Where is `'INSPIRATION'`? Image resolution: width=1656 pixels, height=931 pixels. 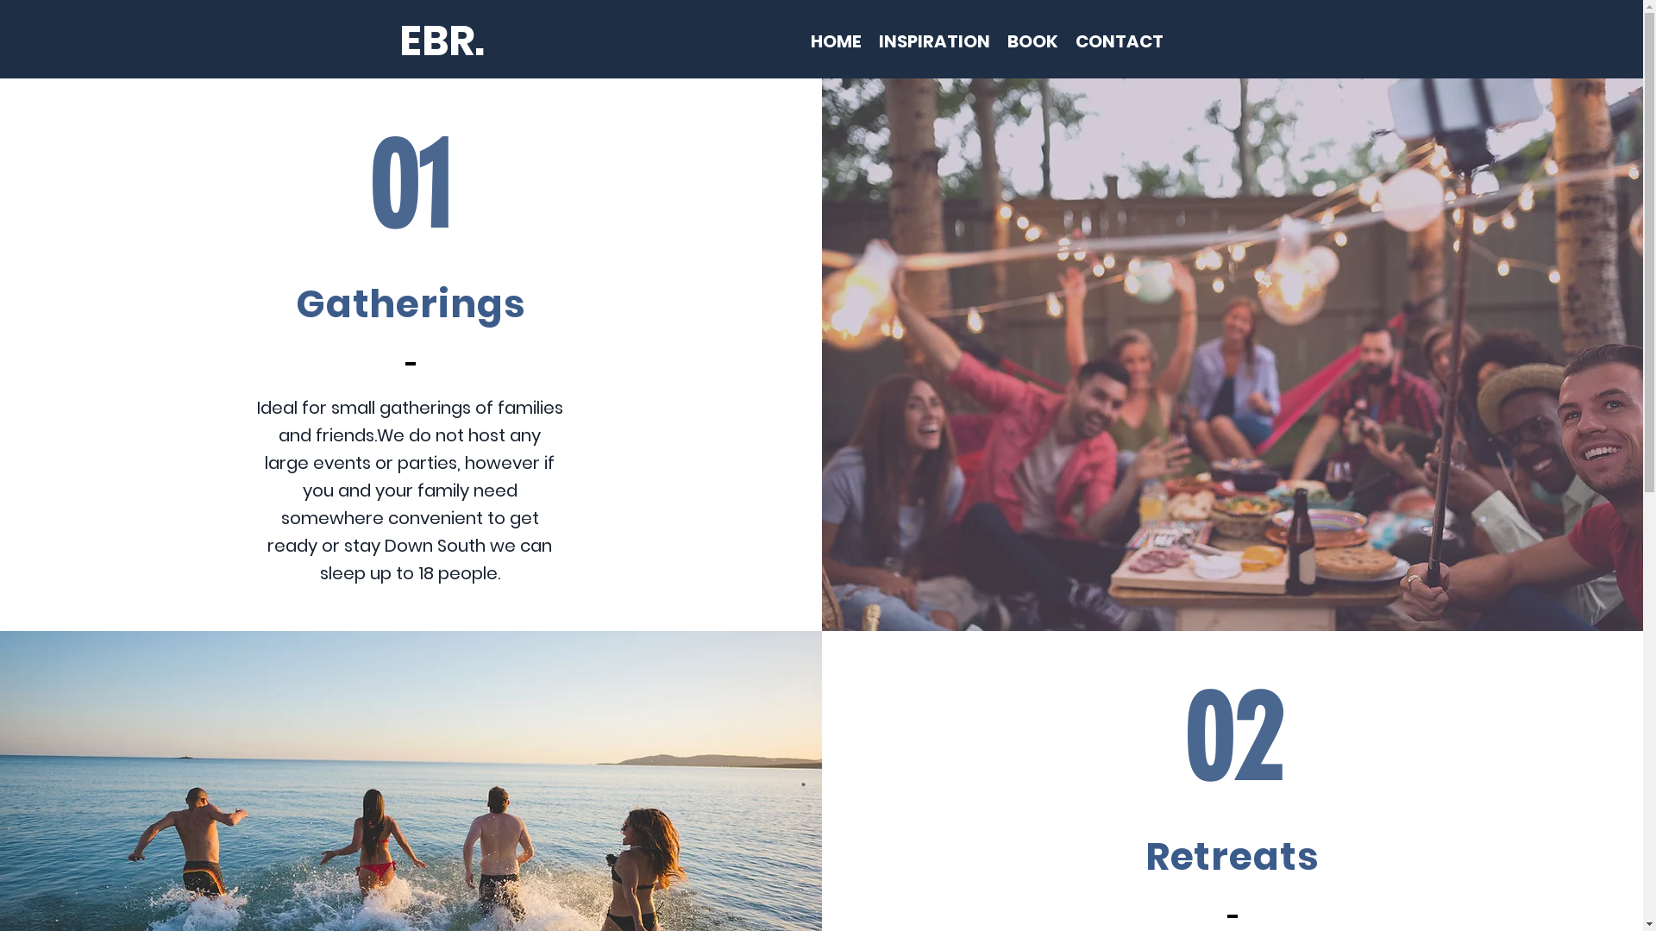 'INSPIRATION' is located at coordinates (933, 40).